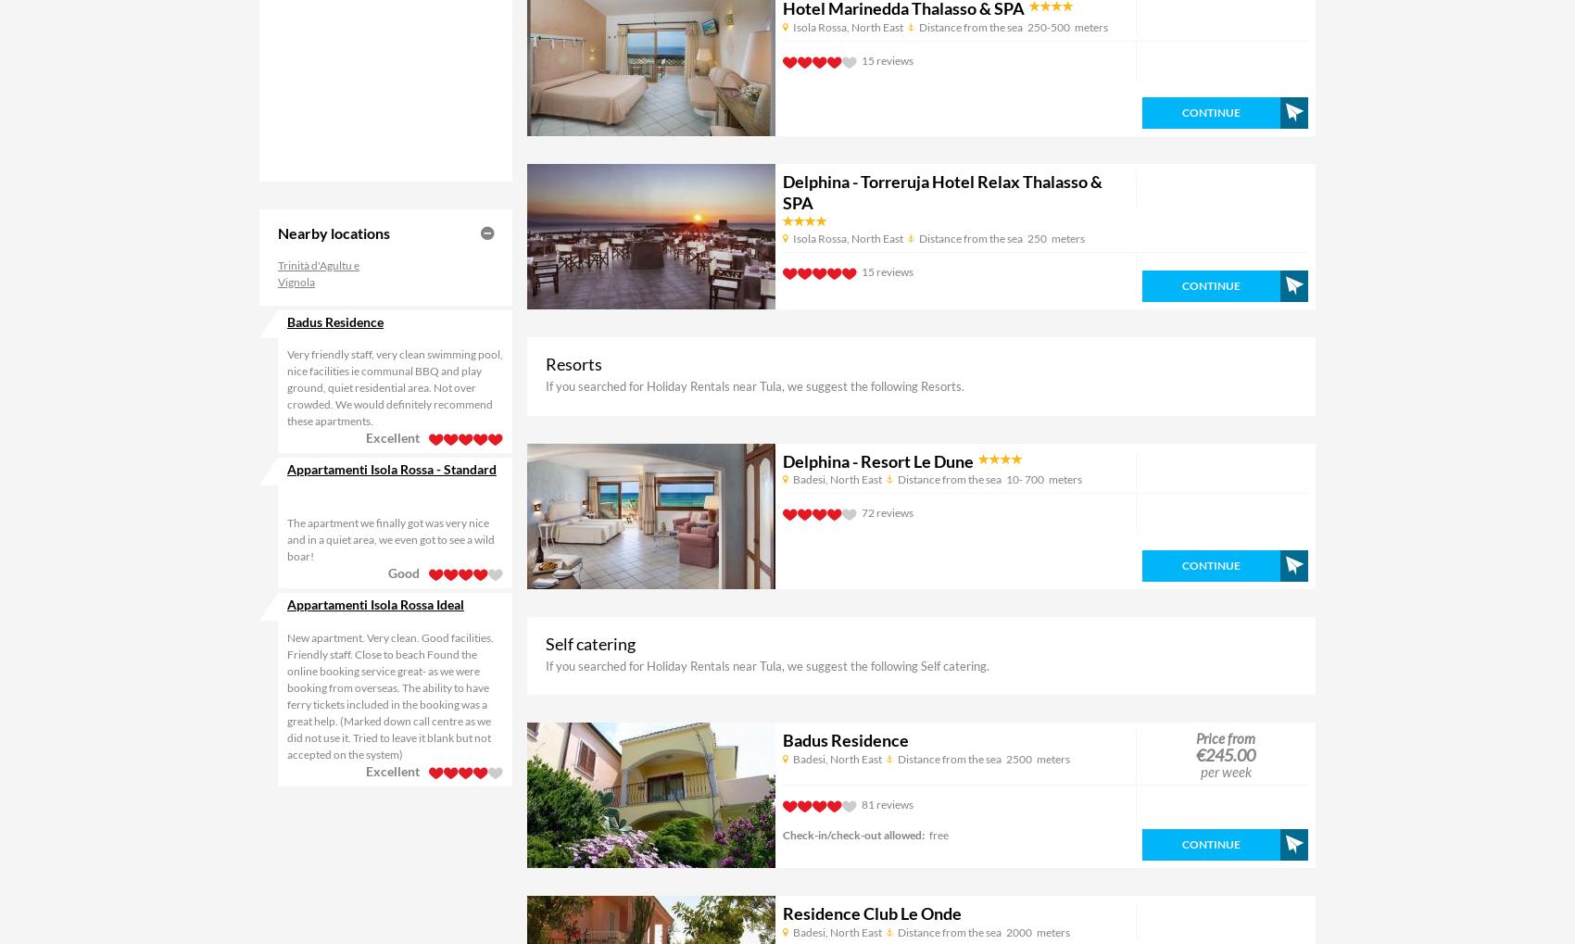  What do you see at coordinates (1195, 737) in the screenshot?
I see `'Price from'` at bounding box center [1195, 737].